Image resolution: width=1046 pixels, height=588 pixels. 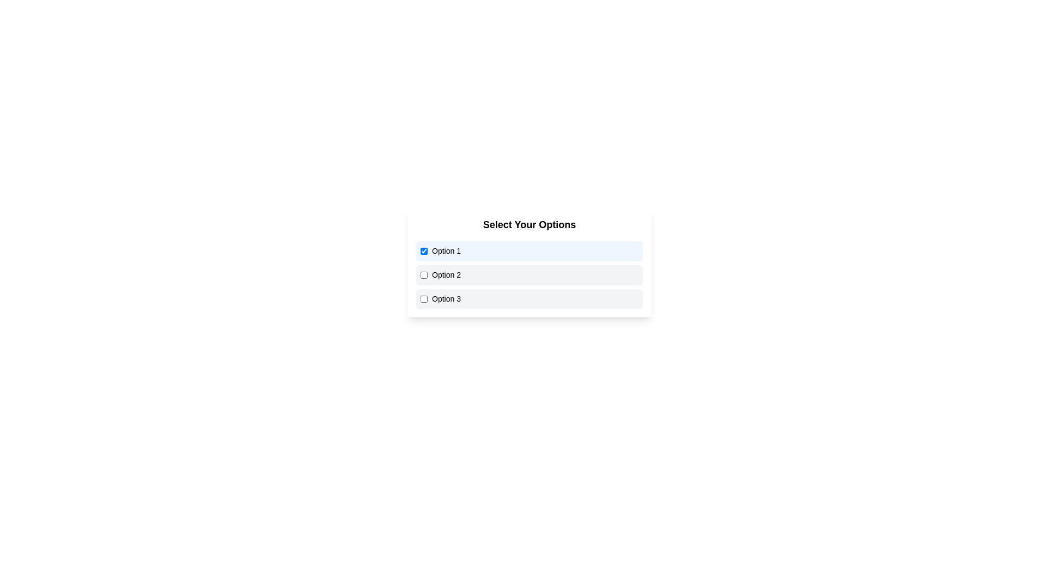 What do you see at coordinates (446, 251) in the screenshot?
I see `the text label that provides descriptive context for the adjacent checkbox, located to the right of the first checkbox in a vertical list of selectable options` at bounding box center [446, 251].